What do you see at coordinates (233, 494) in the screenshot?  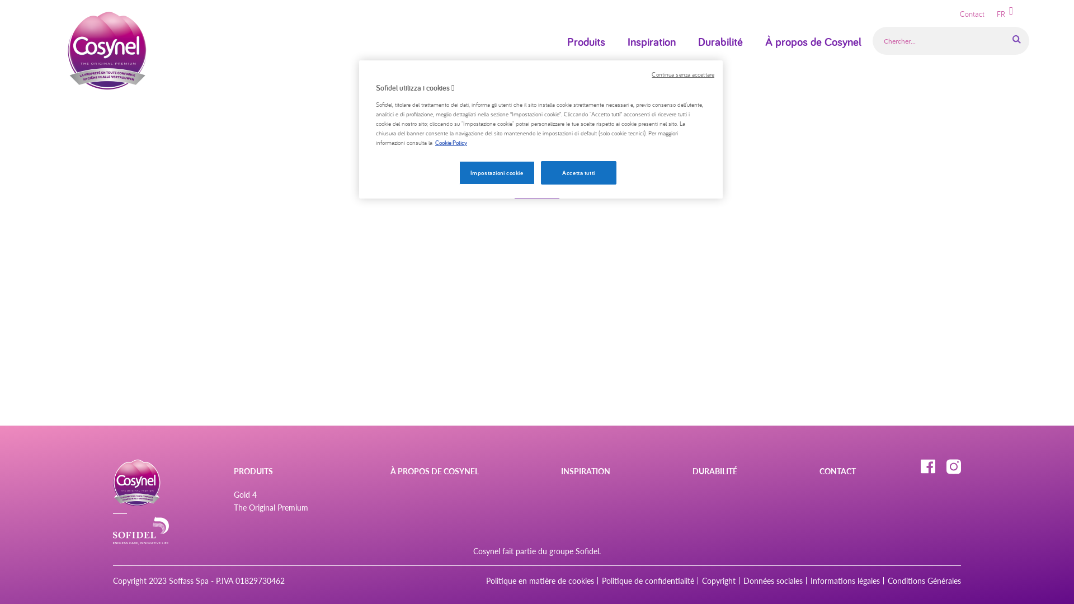 I see `'Gold 4'` at bounding box center [233, 494].